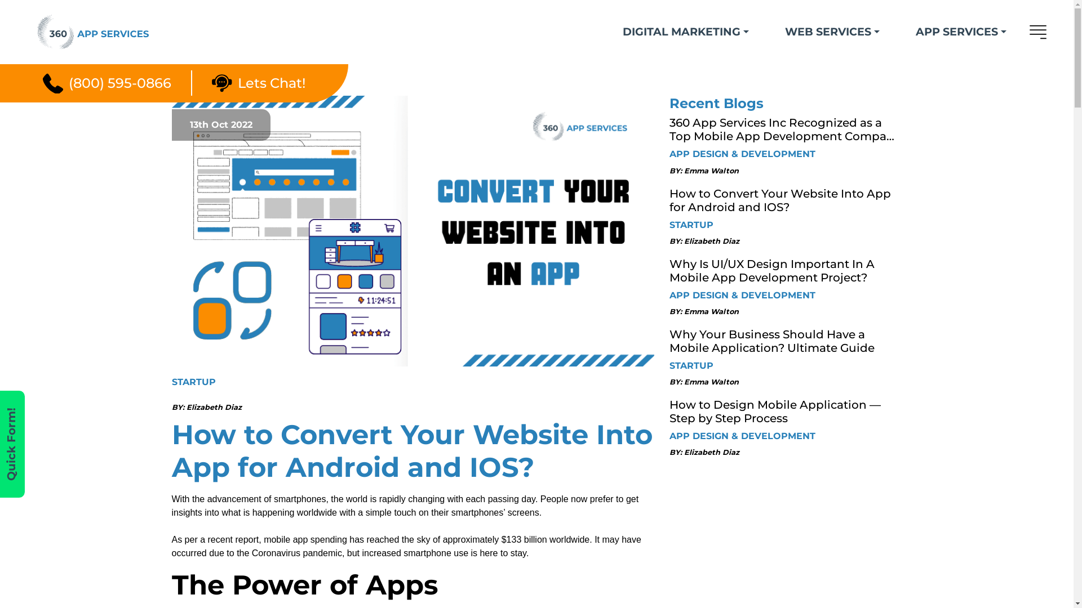 This screenshot has height=608, width=1082. Describe the element at coordinates (960, 31) in the screenshot. I see `'APP SERVICES'` at that location.